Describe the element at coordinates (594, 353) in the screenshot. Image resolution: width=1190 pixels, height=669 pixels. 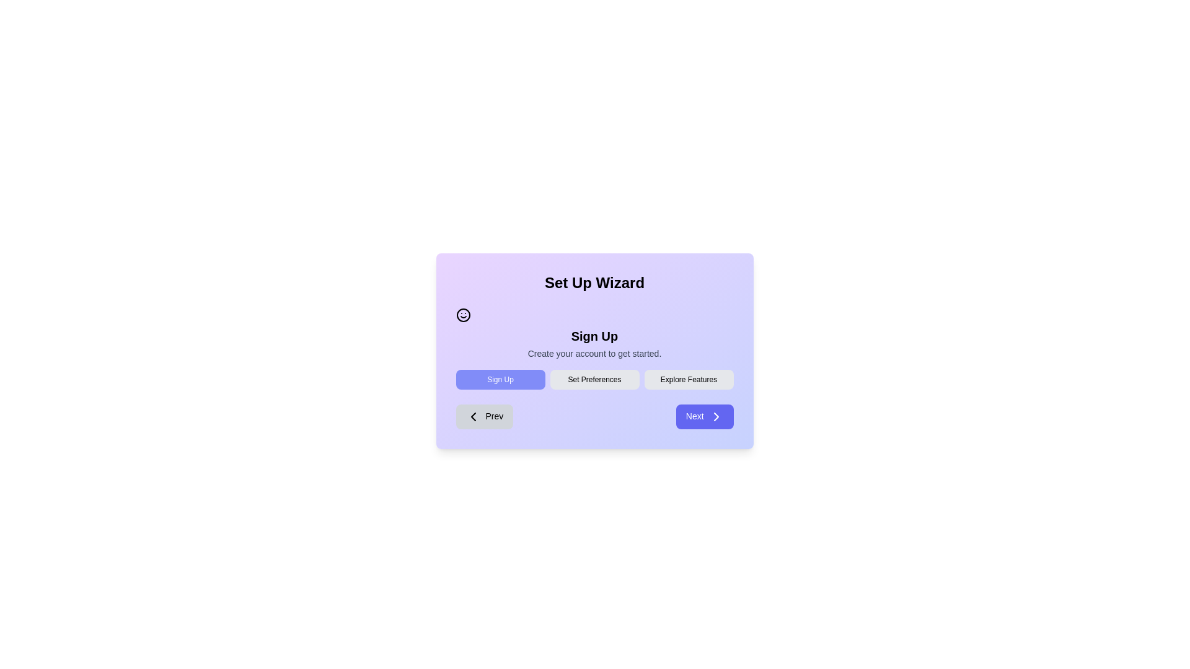
I see `the instructional message that guides the user to create an account, located below the 'Sign Up' heading` at that location.